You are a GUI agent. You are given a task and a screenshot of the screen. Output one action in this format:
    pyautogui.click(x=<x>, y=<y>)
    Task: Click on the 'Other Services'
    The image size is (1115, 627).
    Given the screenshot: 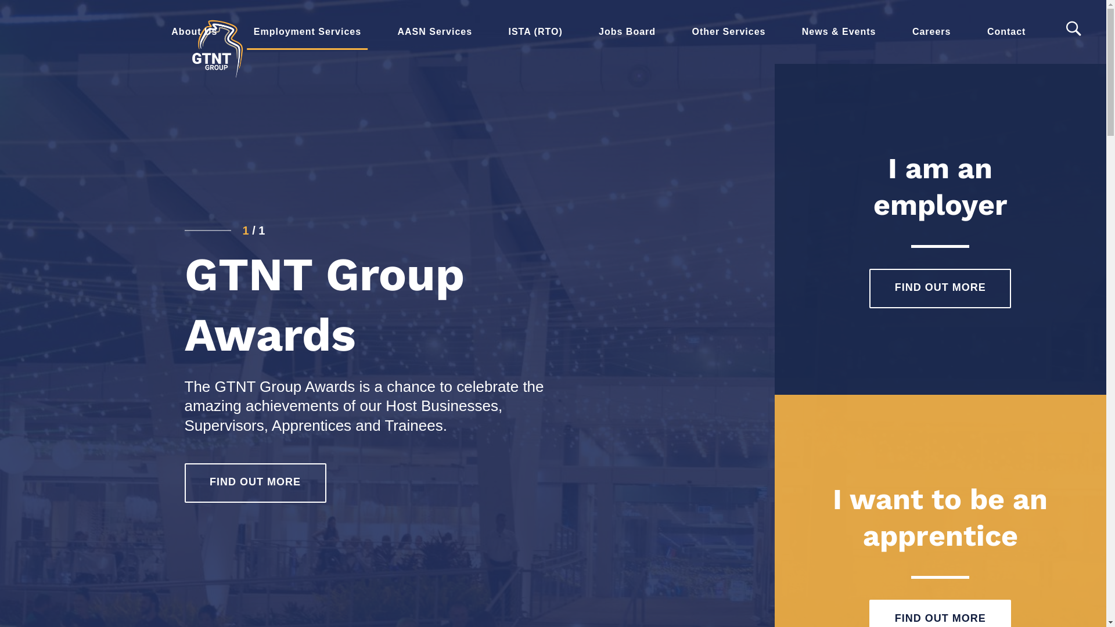 What is the action you would take?
    pyautogui.click(x=728, y=31)
    